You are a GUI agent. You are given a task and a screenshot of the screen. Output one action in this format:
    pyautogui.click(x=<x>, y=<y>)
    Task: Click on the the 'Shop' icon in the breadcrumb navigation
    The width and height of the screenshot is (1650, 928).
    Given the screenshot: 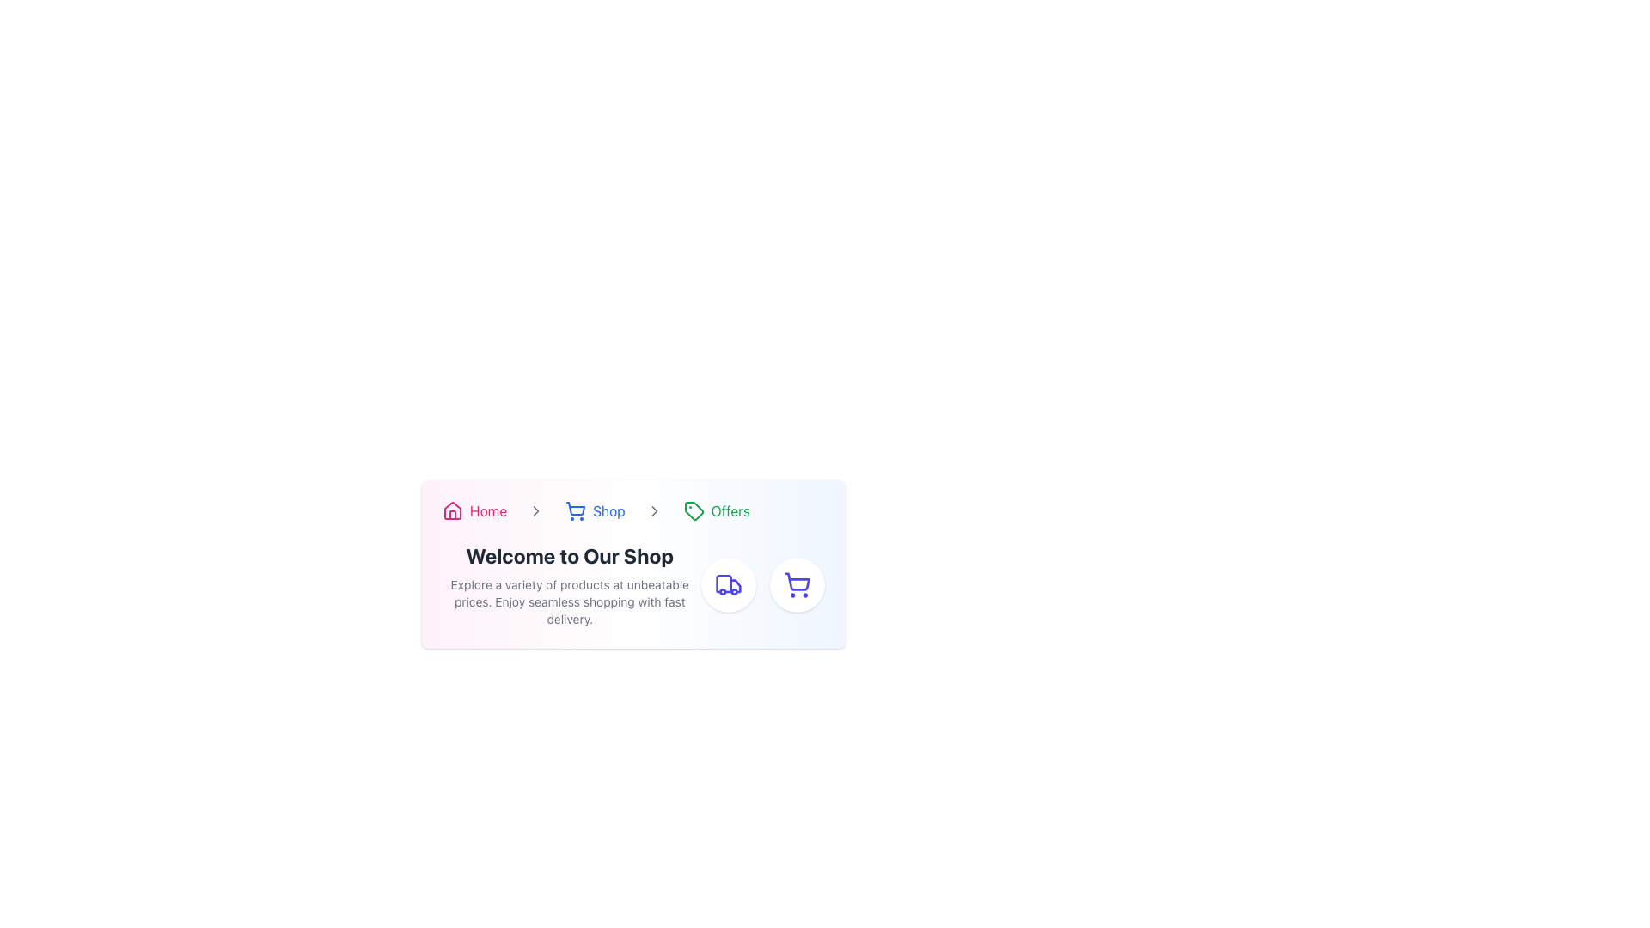 What is the action you would take?
    pyautogui.click(x=576, y=510)
    